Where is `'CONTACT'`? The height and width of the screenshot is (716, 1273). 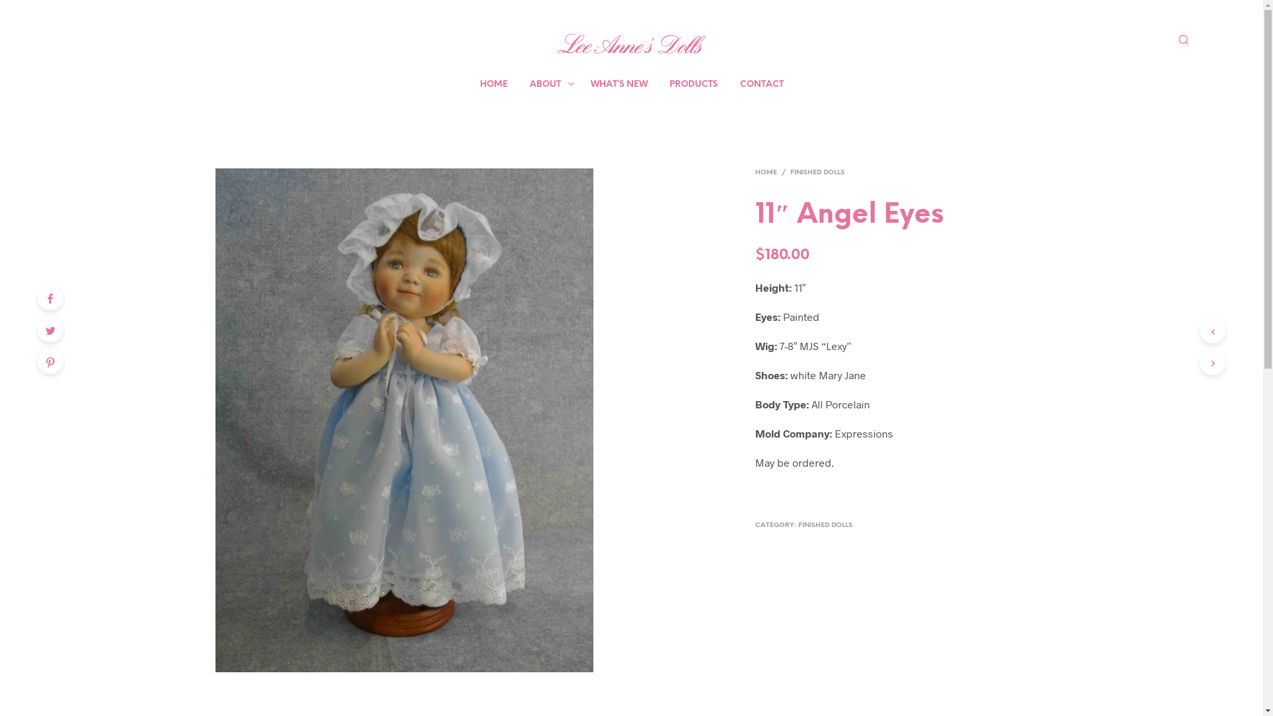 'CONTACT' is located at coordinates (760, 84).